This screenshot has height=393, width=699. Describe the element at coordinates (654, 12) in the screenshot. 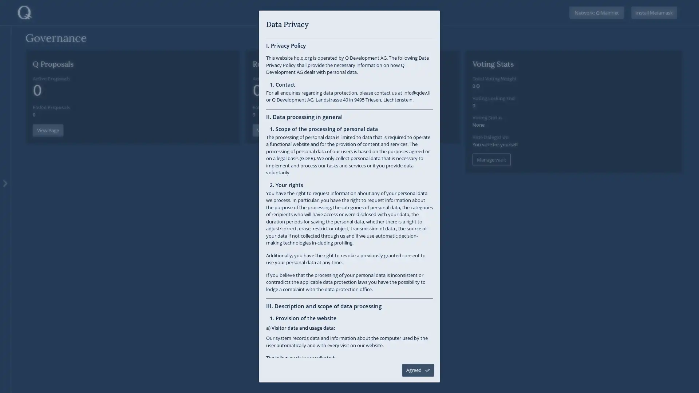

I see `Install Metamask` at that location.